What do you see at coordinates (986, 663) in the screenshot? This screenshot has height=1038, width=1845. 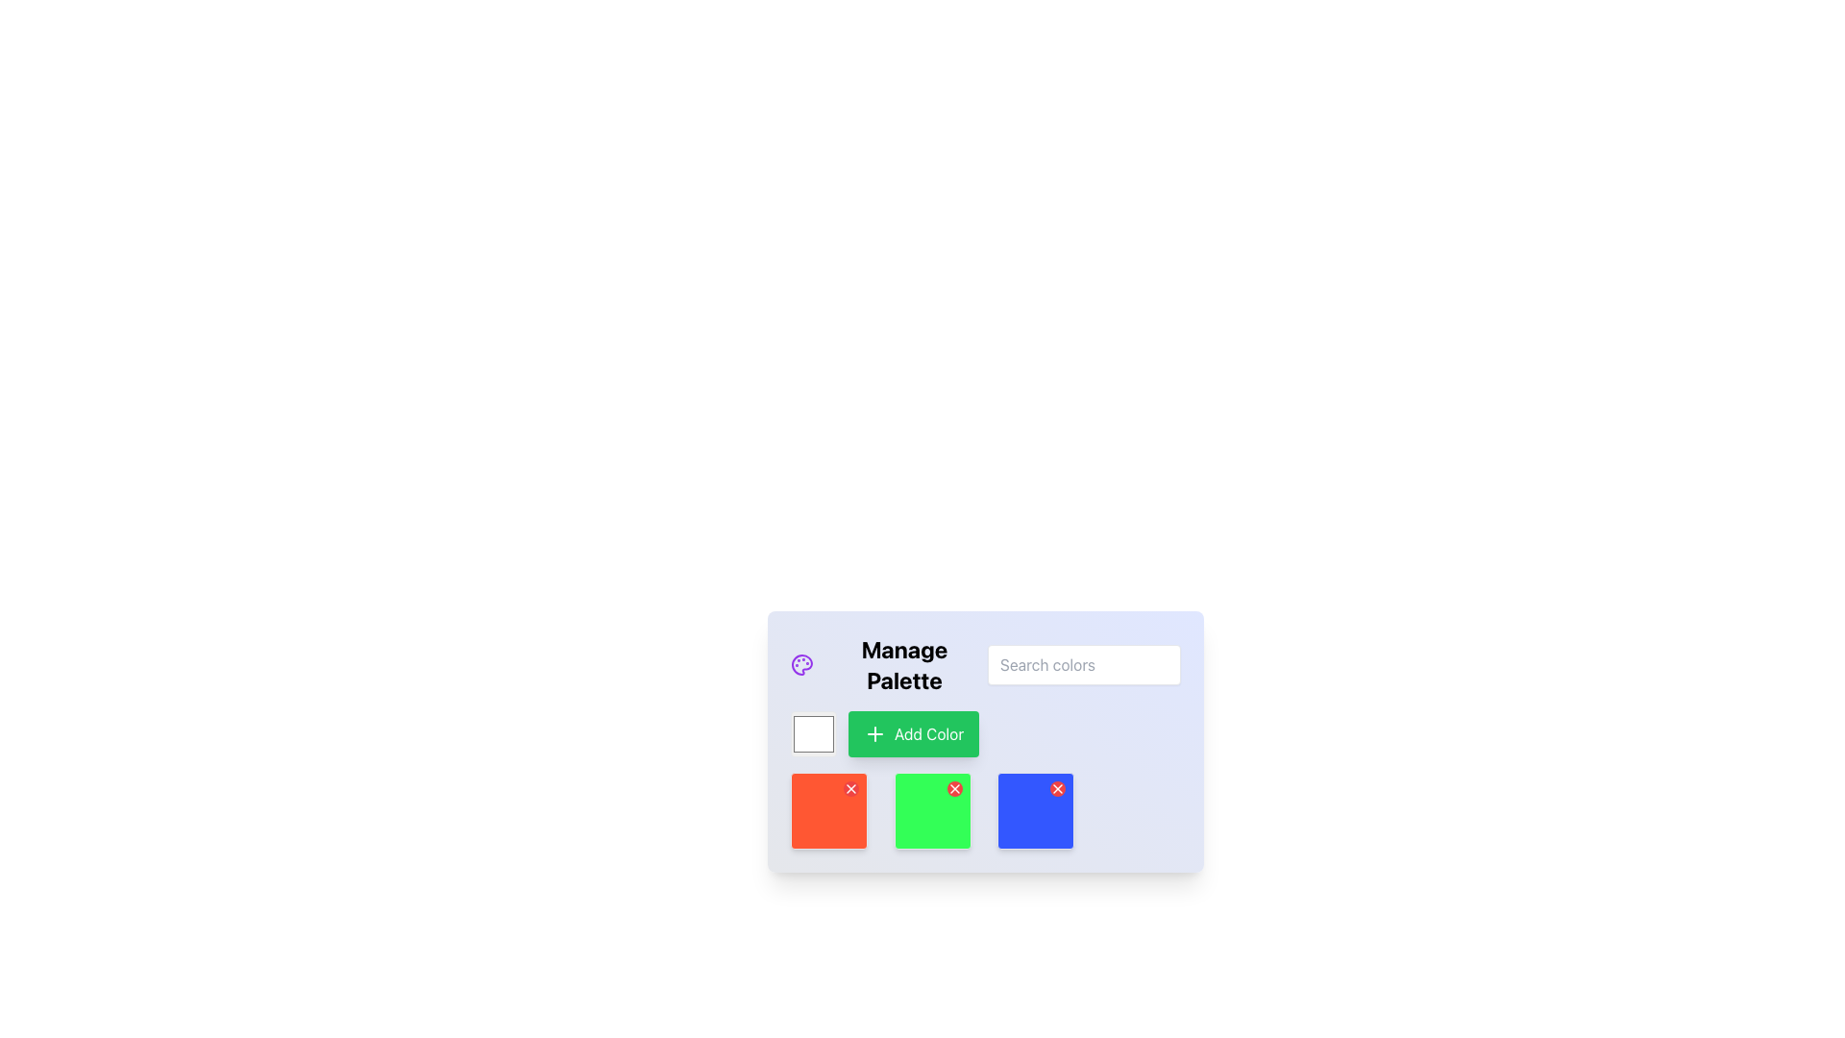 I see `the search input field located at the top-right of the card area, adjacent to the 'Manage Palette' text and purple palette icon` at bounding box center [986, 663].